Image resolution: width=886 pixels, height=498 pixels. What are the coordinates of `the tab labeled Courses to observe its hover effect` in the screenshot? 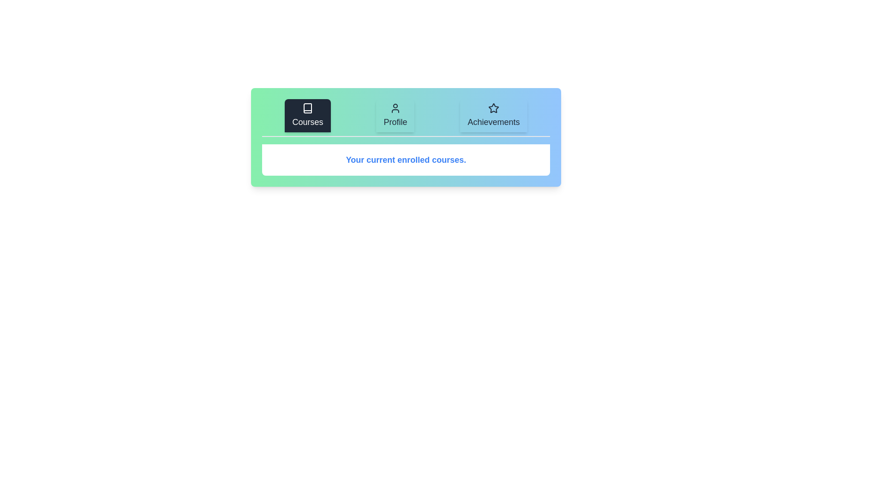 It's located at (308, 115).